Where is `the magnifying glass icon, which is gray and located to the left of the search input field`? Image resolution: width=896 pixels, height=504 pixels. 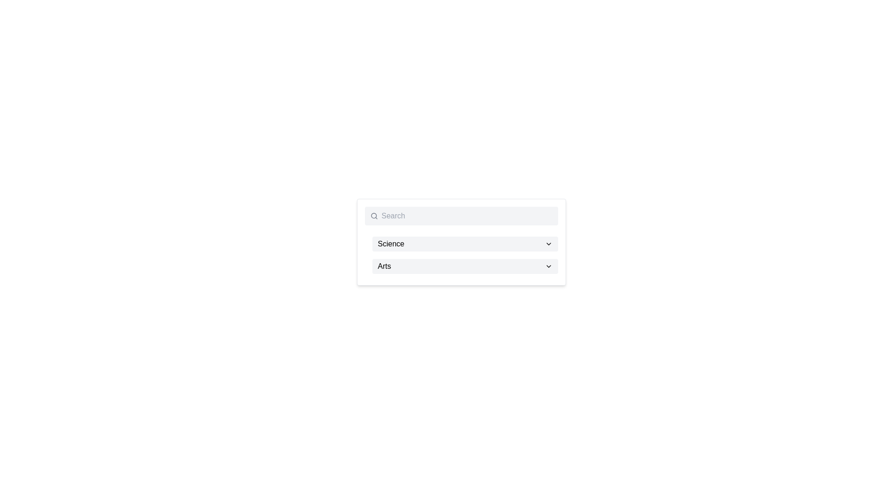
the magnifying glass icon, which is gray and located to the left of the search input field is located at coordinates (374, 216).